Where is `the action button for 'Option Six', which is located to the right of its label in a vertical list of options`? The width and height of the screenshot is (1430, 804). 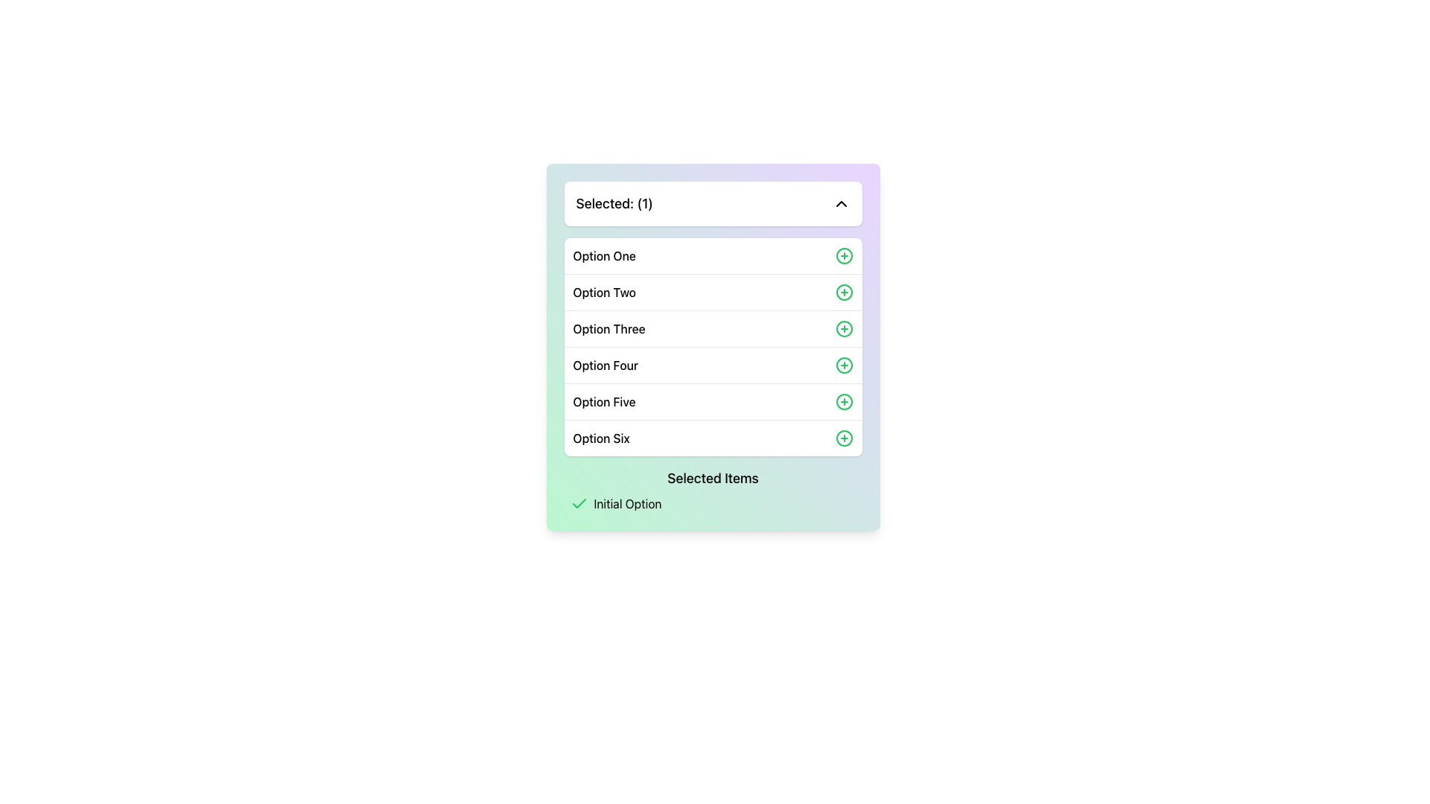
the action button for 'Option Six', which is located to the right of its label in a vertical list of options is located at coordinates (844, 438).